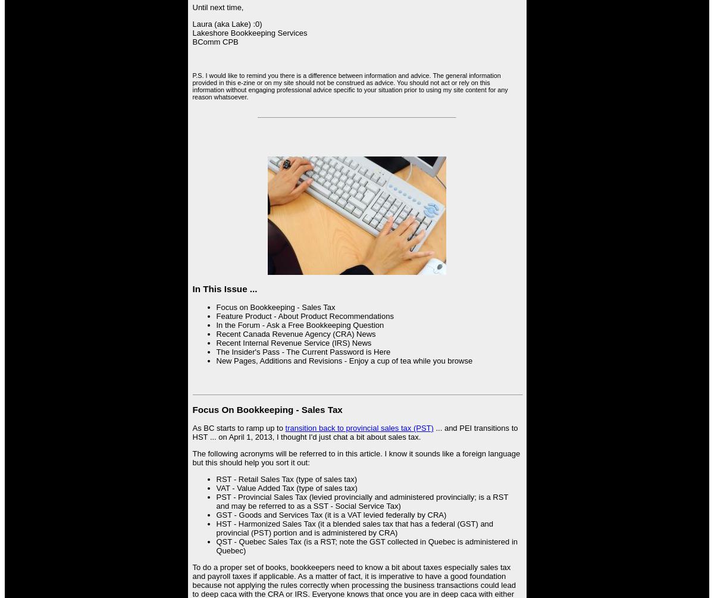 This screenshot has height=598, width=714. Describe the element at coordinates (367, 544) in the screenshot. I see `'QST - Quebec Sales Tax (is a RST; note the GST collected in Quebec is administered in Quebec)'` at that location.